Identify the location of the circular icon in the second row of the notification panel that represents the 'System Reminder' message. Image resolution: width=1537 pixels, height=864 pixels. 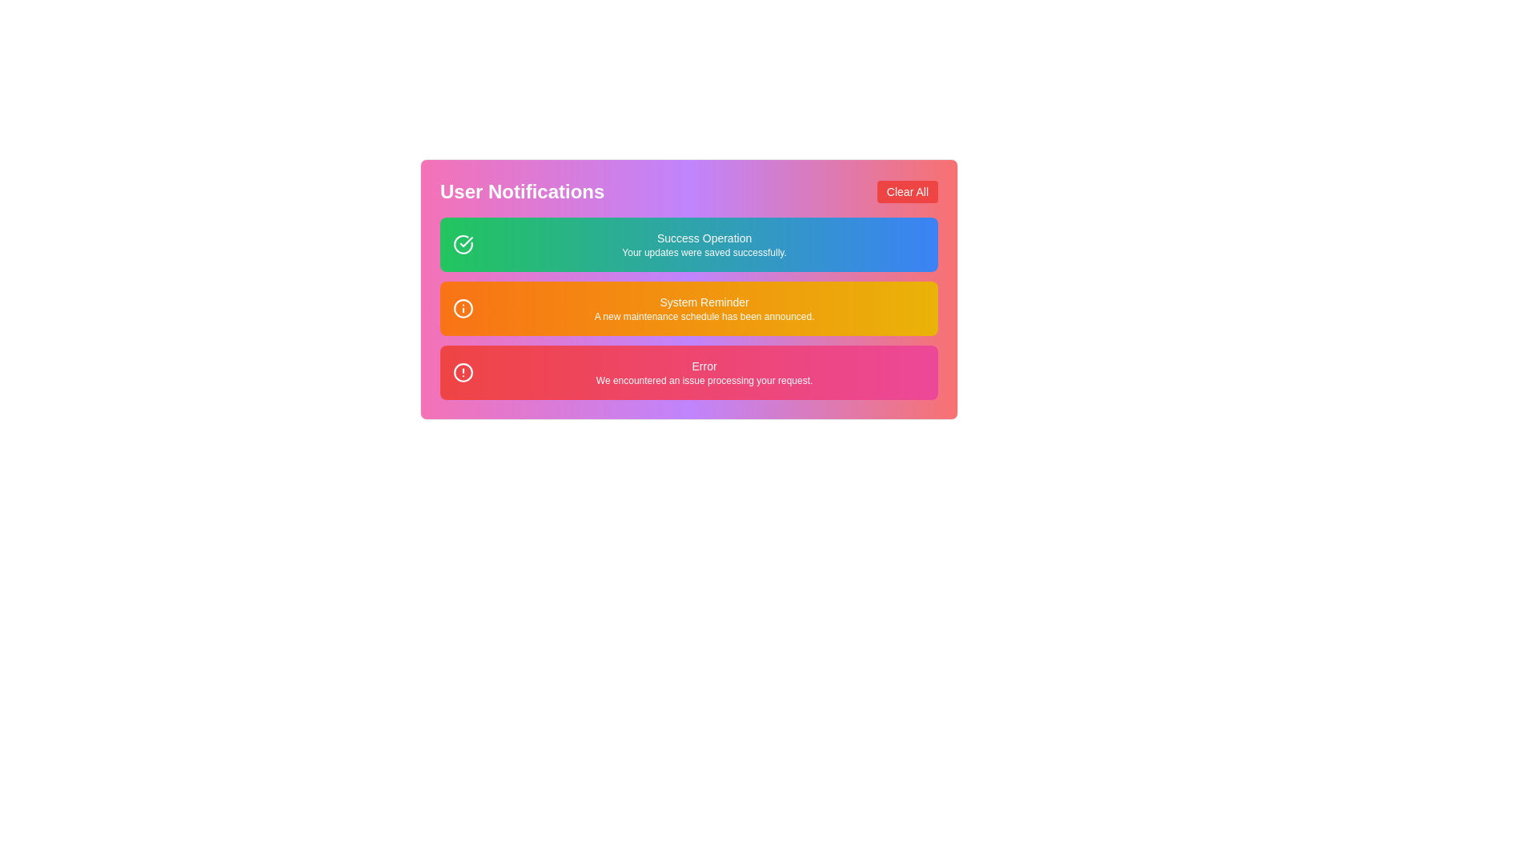
(463, 308).